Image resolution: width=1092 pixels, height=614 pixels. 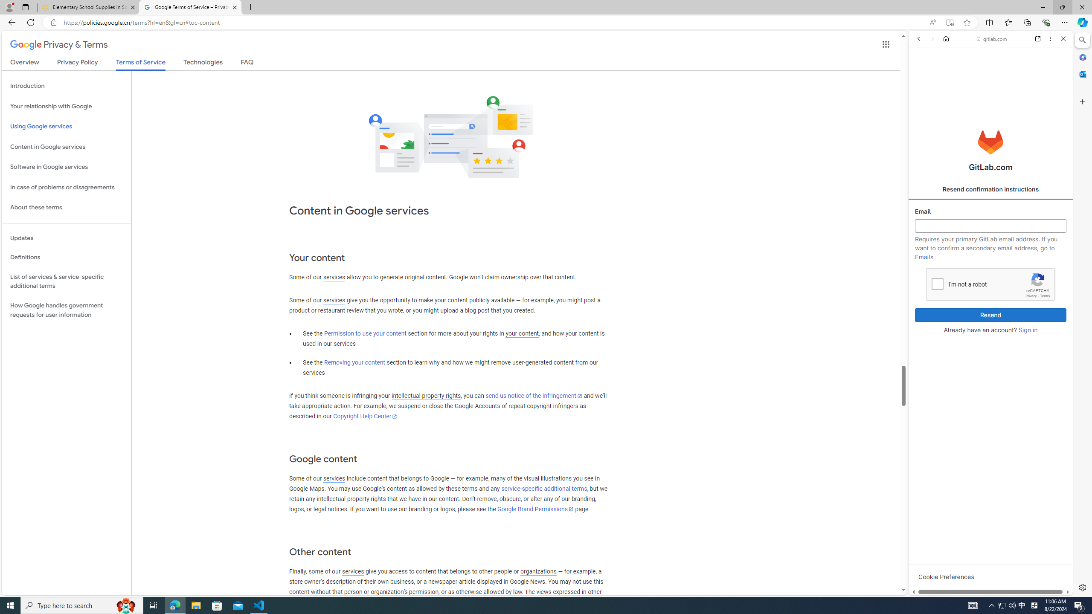 I want to click on 'Emails', so click(x=924, y=256).